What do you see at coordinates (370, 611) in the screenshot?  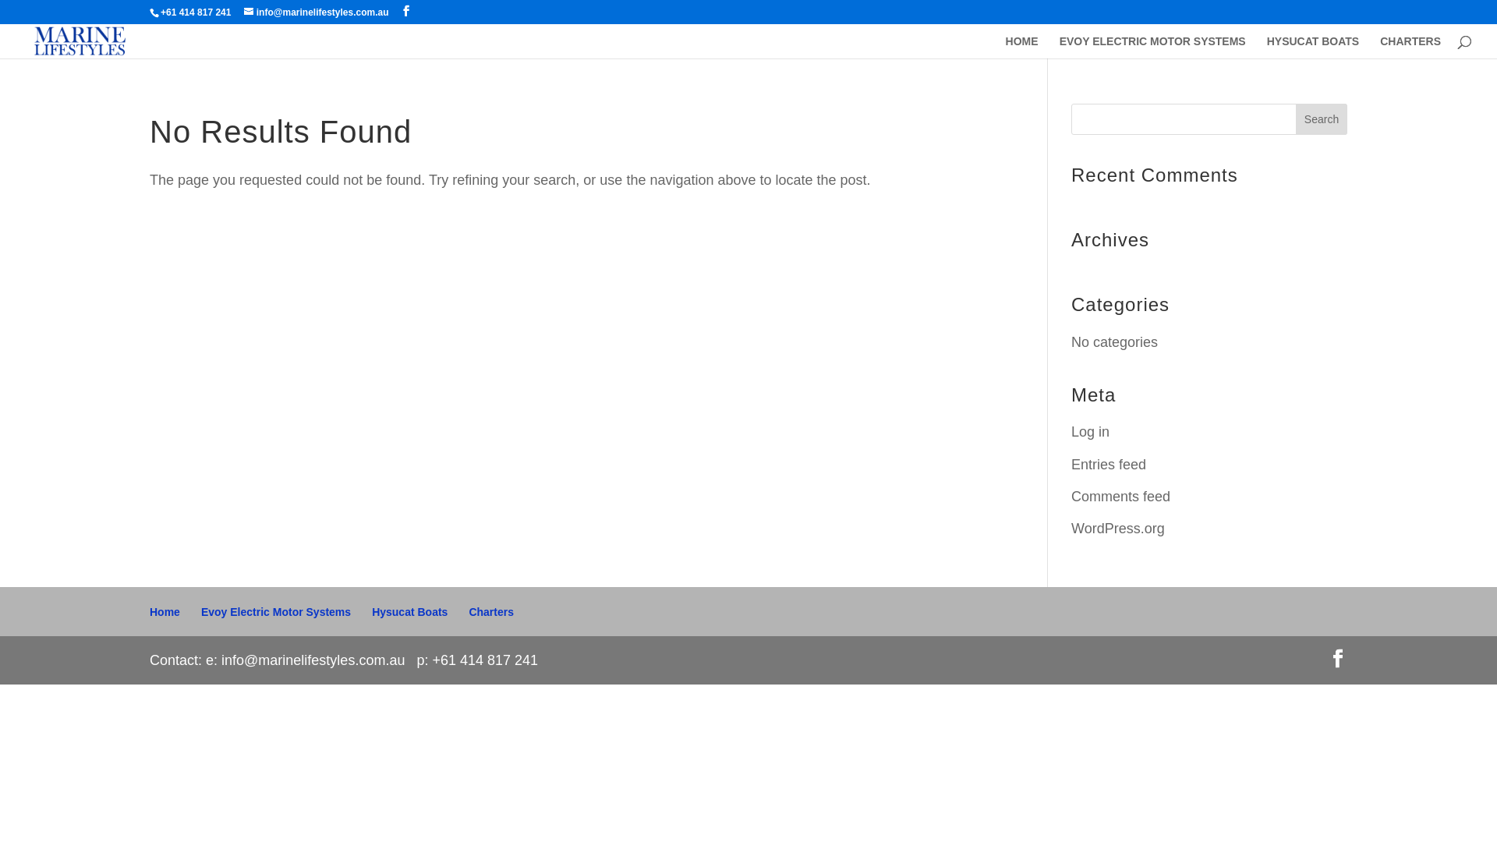 I see `'Hysucat Boats'` at bounding box center [370, 611].